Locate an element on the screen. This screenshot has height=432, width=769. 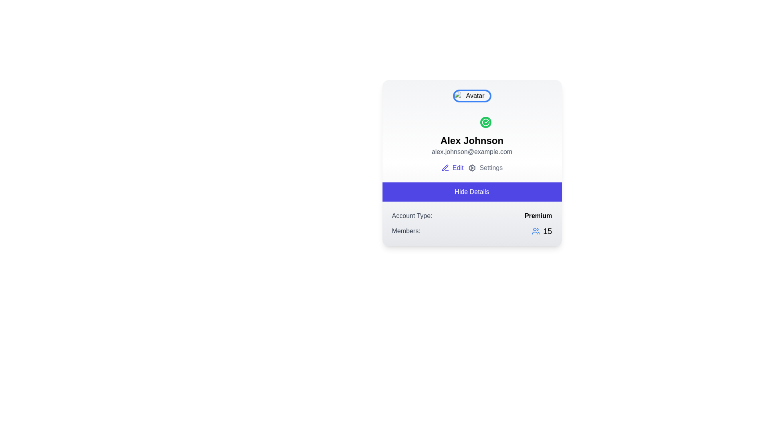
the blue rectangular button labeled 'Hide Details' is located at coordinates (472, 192).